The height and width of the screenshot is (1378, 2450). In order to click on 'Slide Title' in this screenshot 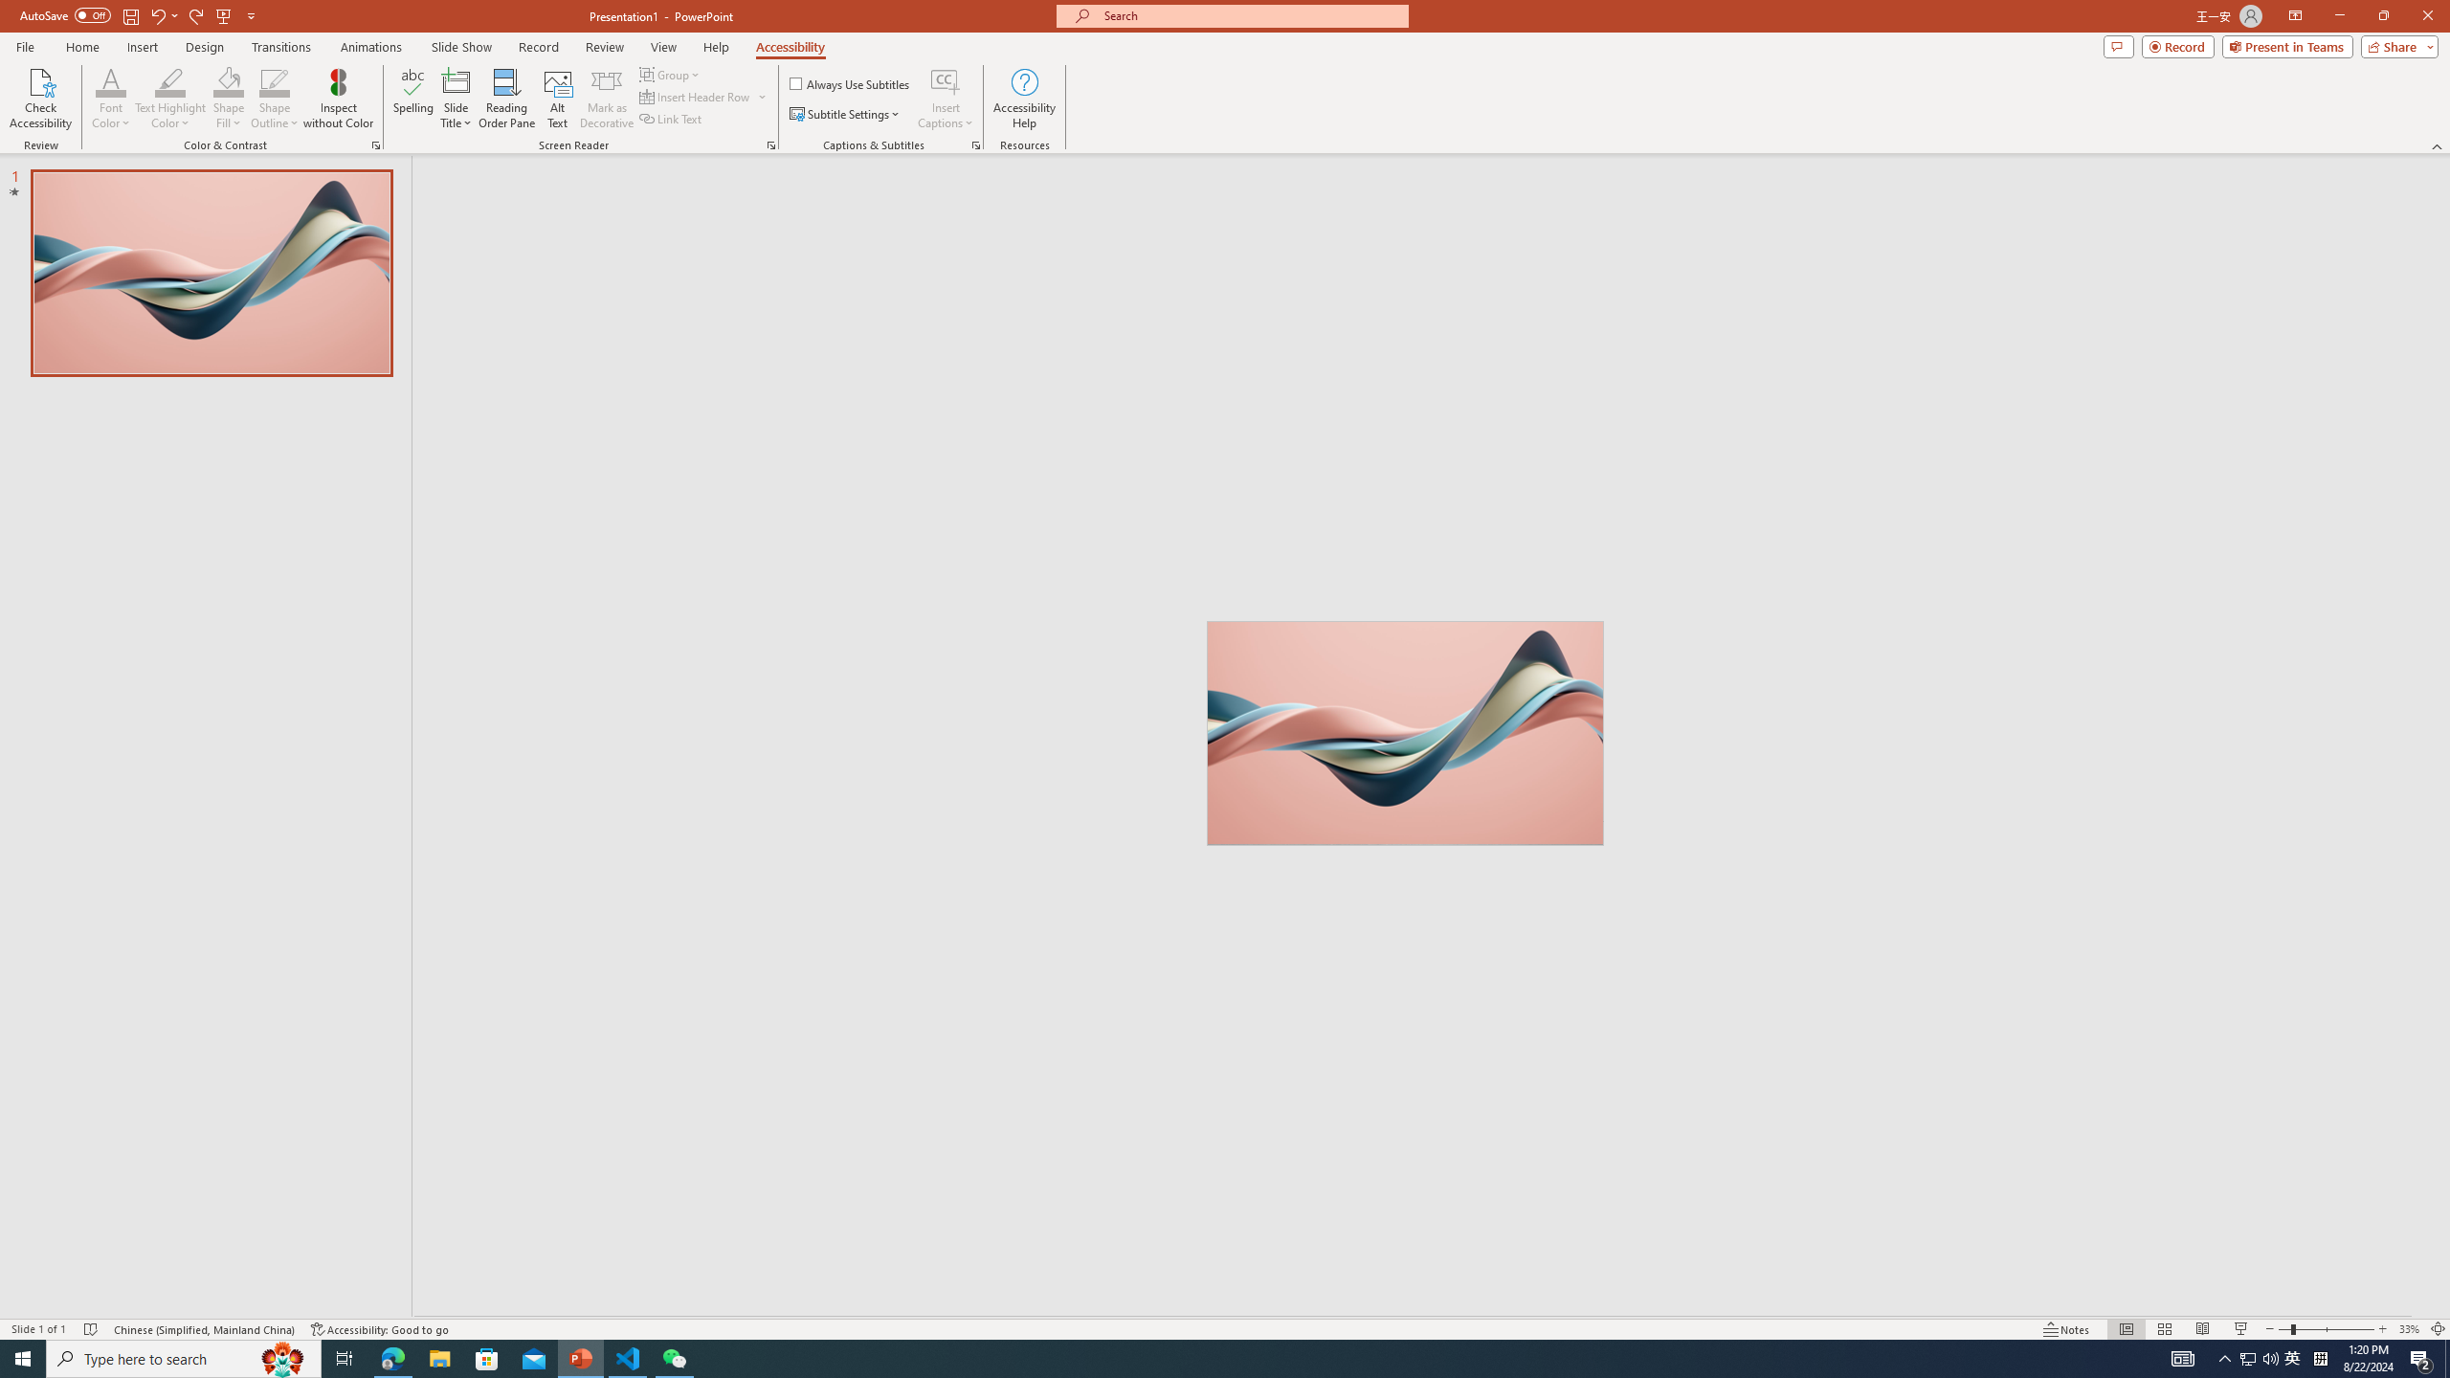, I will do `click(456, 80)`.